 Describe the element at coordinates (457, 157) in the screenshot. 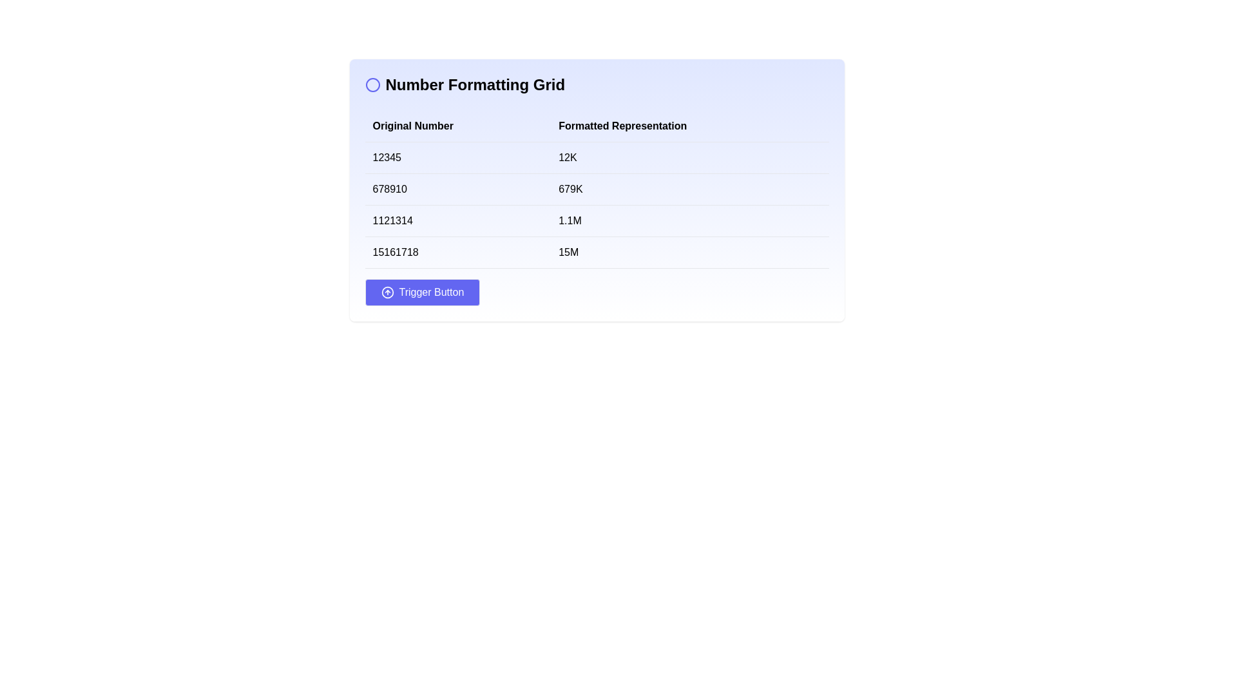

I see `the Data cell displaying '12345', which is located at the leftmost end of the first row in the data grid under the 'Original Number' column, to interact with the table features` at that location.